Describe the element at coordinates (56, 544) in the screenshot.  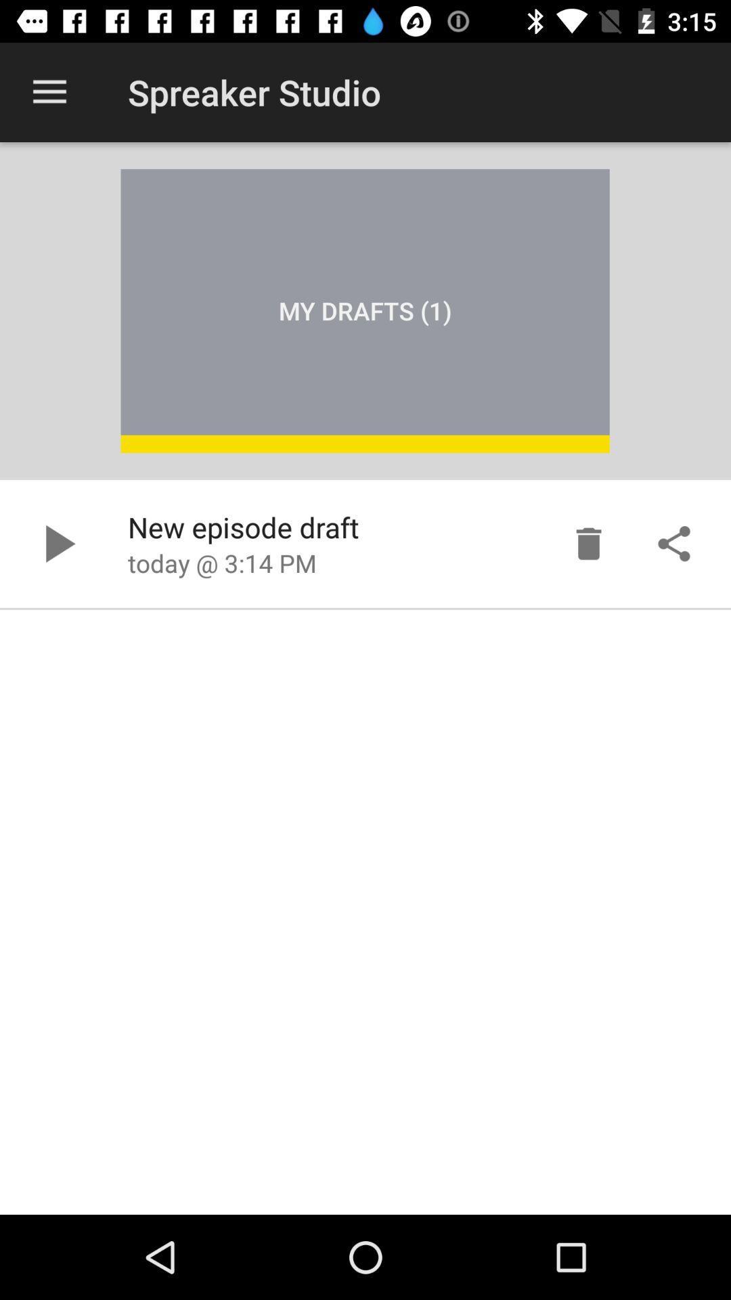
I see `podcast` at that location.